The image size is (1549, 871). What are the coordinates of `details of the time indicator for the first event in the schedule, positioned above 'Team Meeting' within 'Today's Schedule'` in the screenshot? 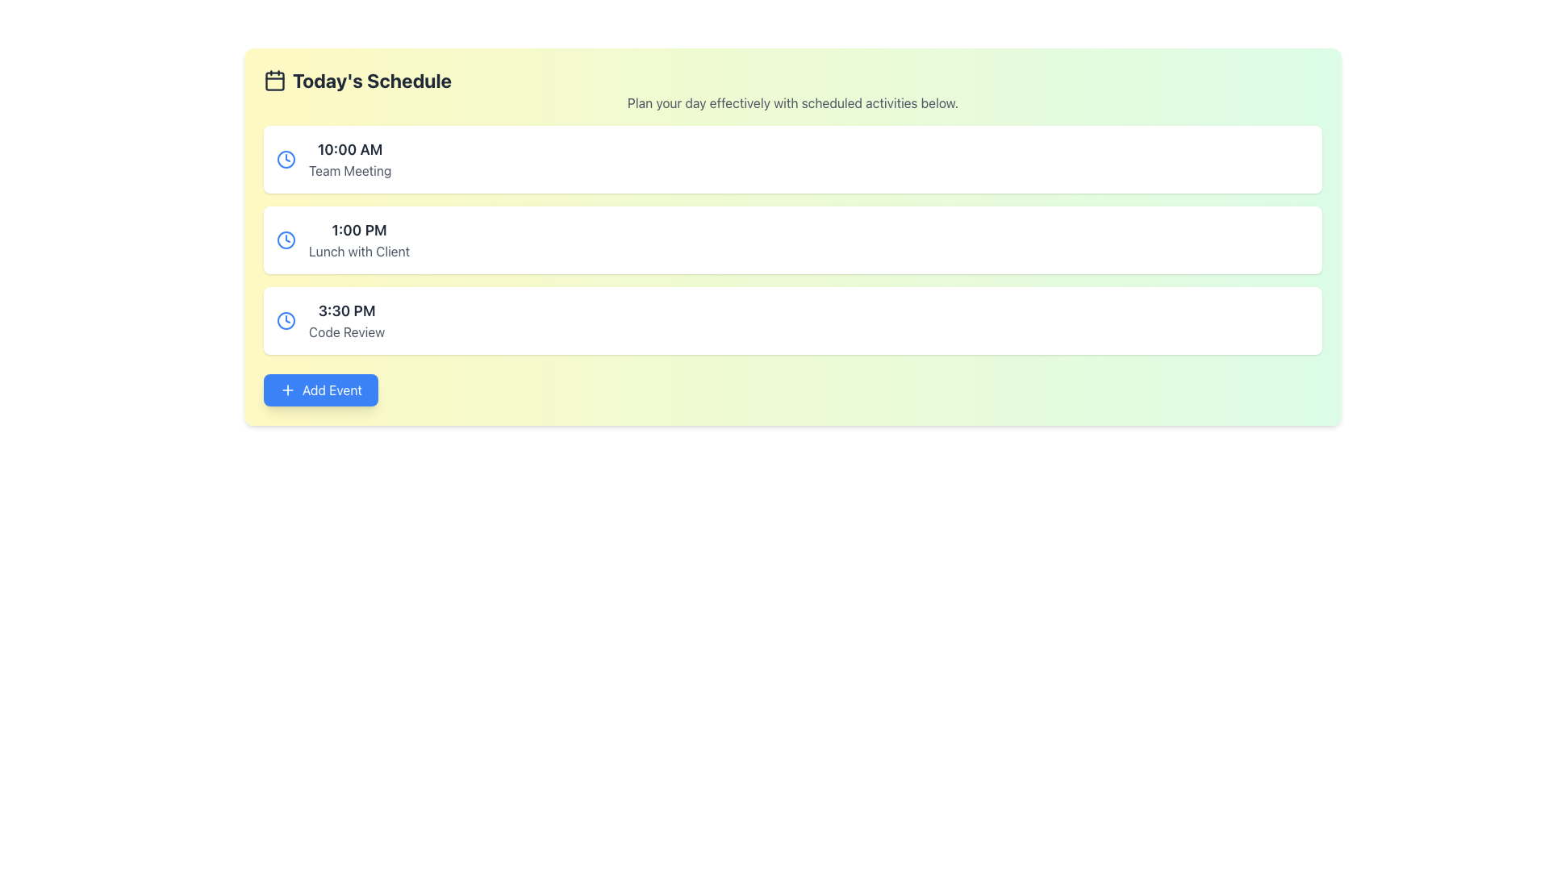 It's located at (349, 149).